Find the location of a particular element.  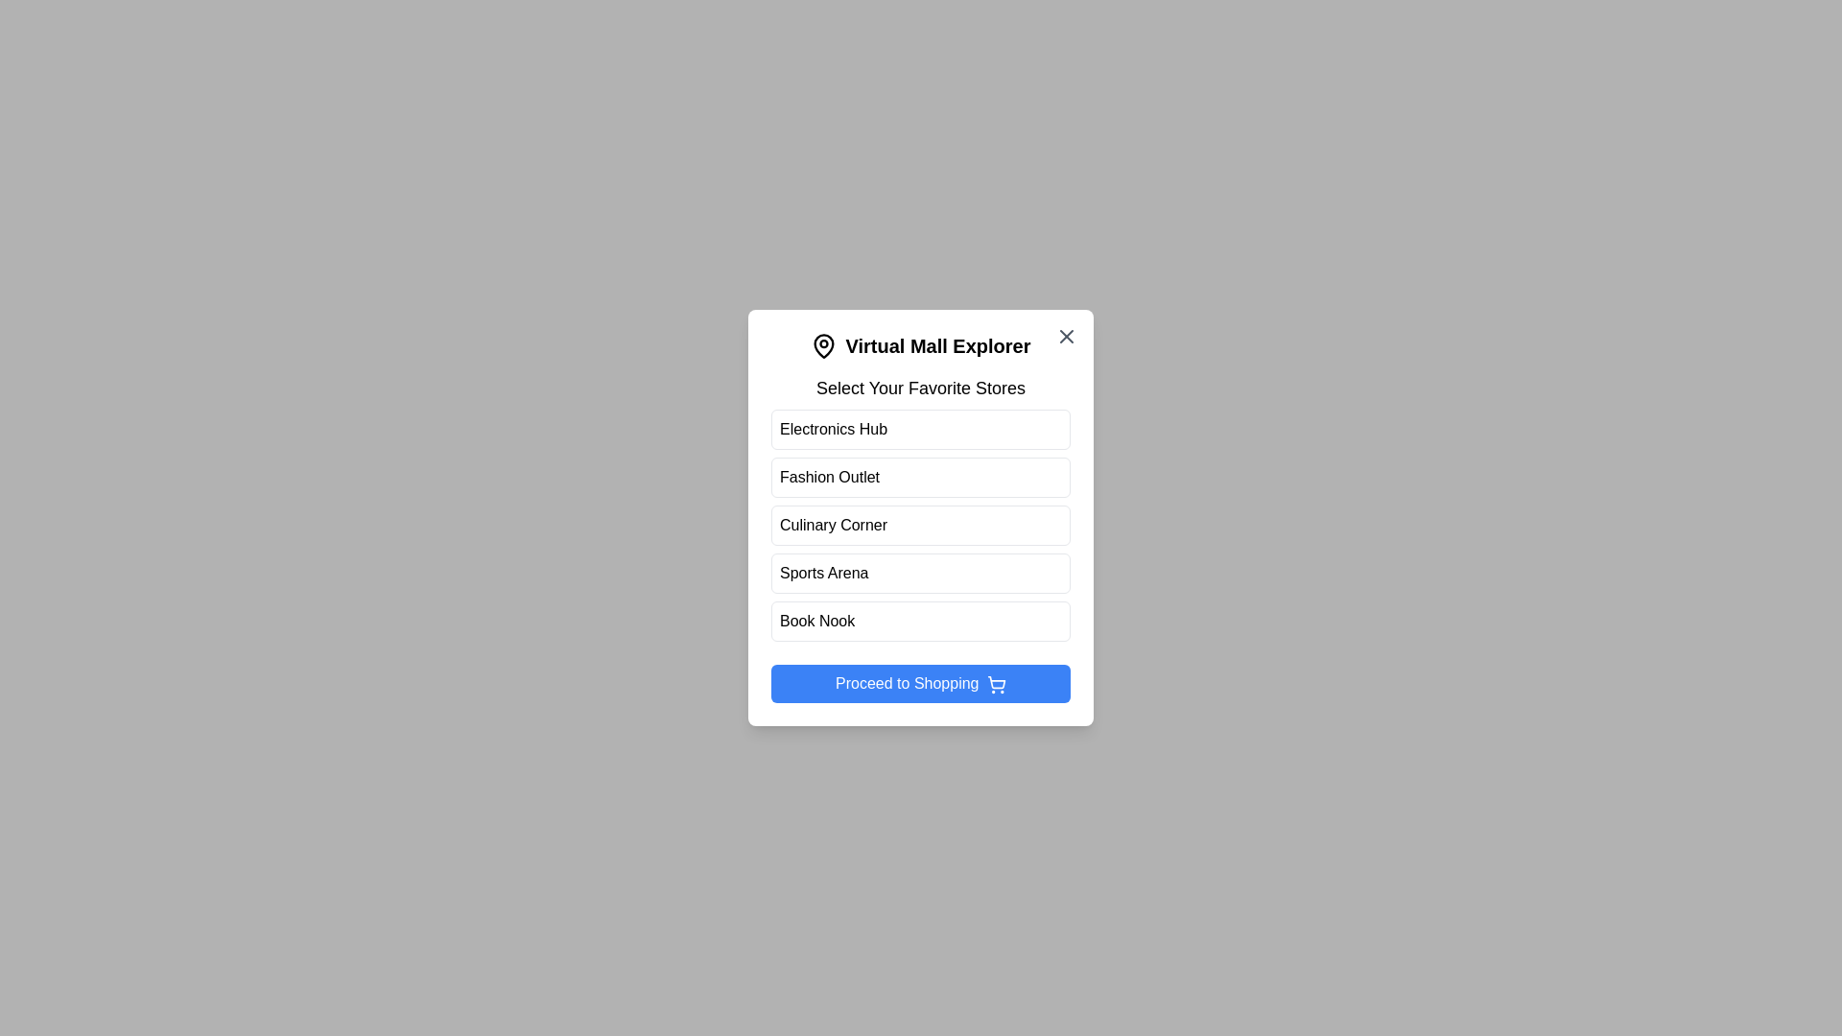

the close icon represented by a small diagonal cross (X) located at the top-right corner of the 'Virtual Mall Explorer' card is located at coordinates (1066, 336).